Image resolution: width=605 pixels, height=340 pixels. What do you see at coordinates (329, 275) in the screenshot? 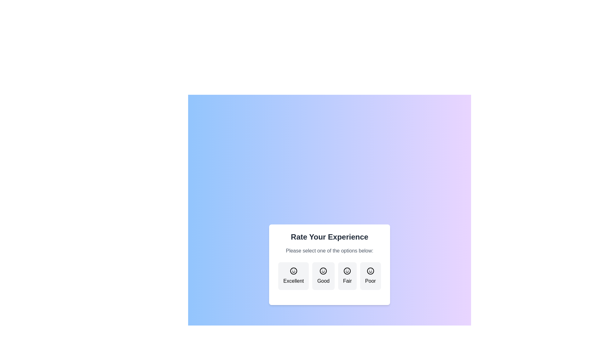
I see `the Interactive button labeled for rating experience, which is the second button from the left in the row of four buttons` at bounding box center [329, 275].